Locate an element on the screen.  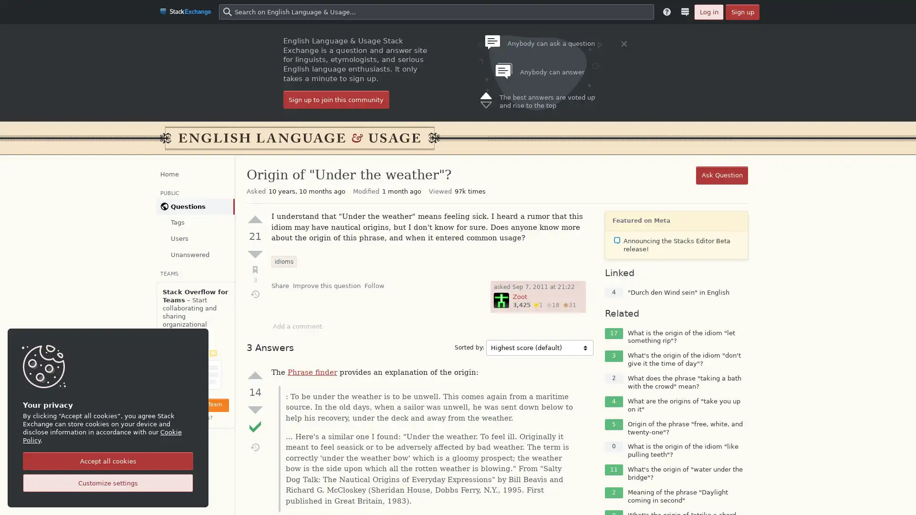
Bookmark (3) is located at coordinates (255, 274).